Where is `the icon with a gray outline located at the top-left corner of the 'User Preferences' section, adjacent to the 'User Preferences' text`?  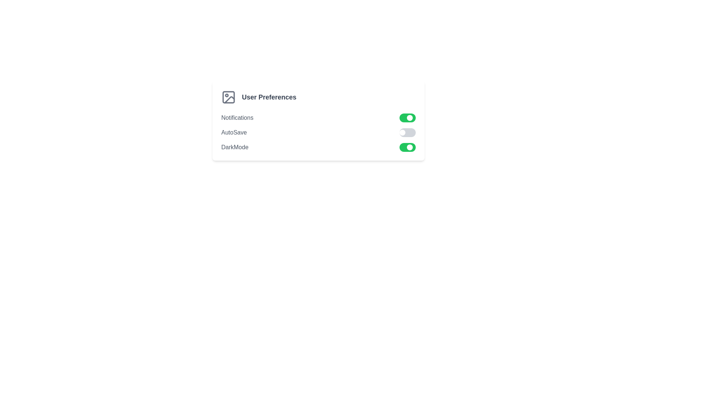
the icon with a gray outline located at the top-left corner of the 'User Preferences' section, adjacent to the 'User Preferences' text is located at coordinates (228, 97).